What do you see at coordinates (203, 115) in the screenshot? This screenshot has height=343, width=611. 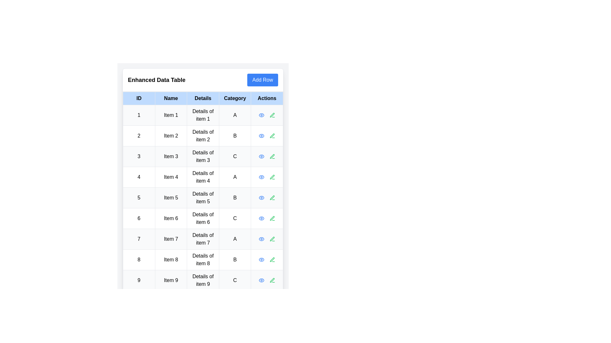 I see `the table cell containing the text 'Details of item 1' in the third column of the first row of the 'Enhanced Data Table'` at bounding box center [203, 115].